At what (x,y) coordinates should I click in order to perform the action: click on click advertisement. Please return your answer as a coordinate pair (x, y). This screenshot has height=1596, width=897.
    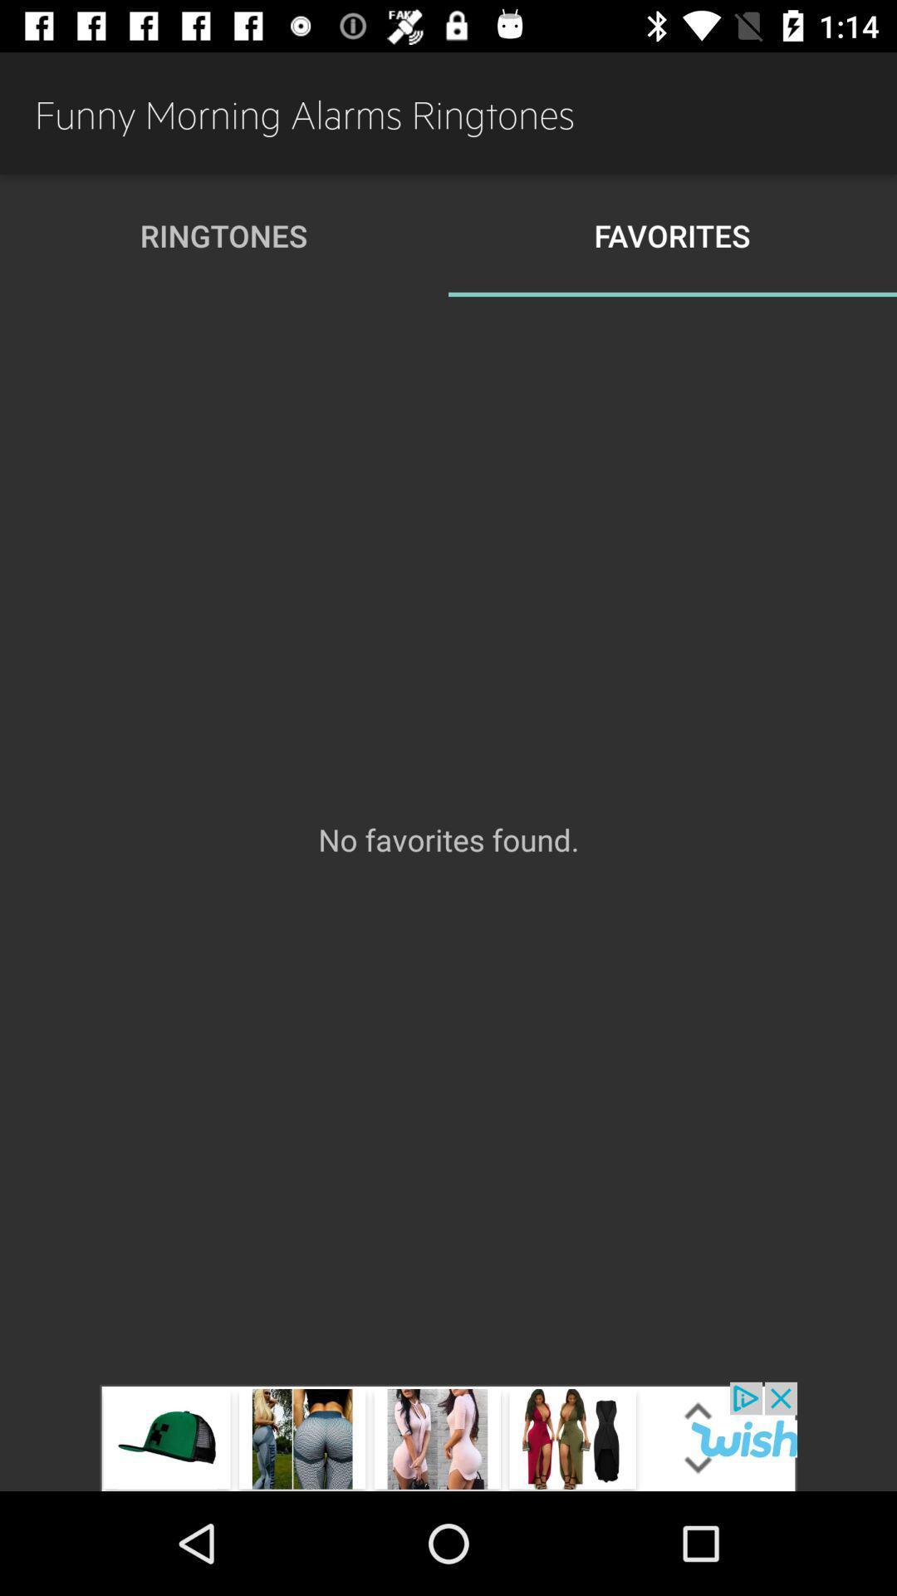
    Looking at the image, I should click on (448, 1436).